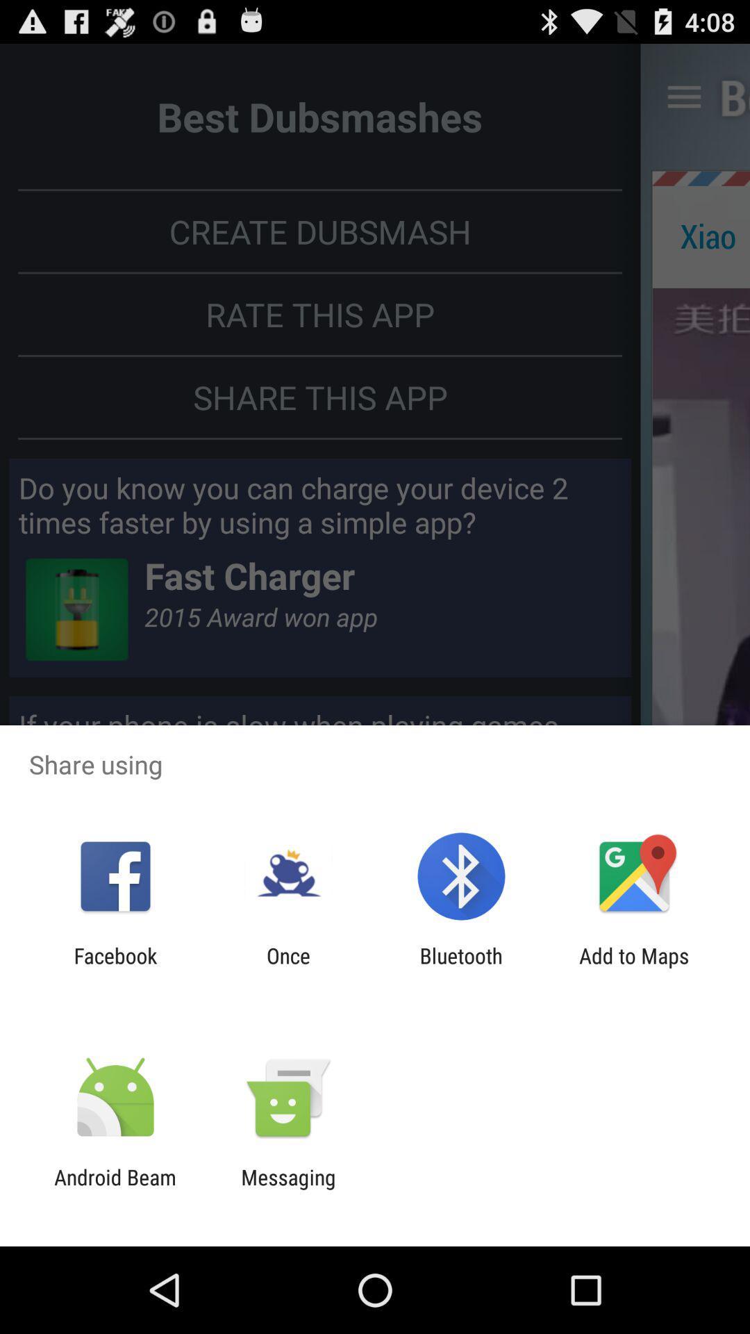 The image size is (750, 1334). Describe the element at coordinates (115, 1189) in the screenshot. I see `the icon to the left of messaging app` at that location.